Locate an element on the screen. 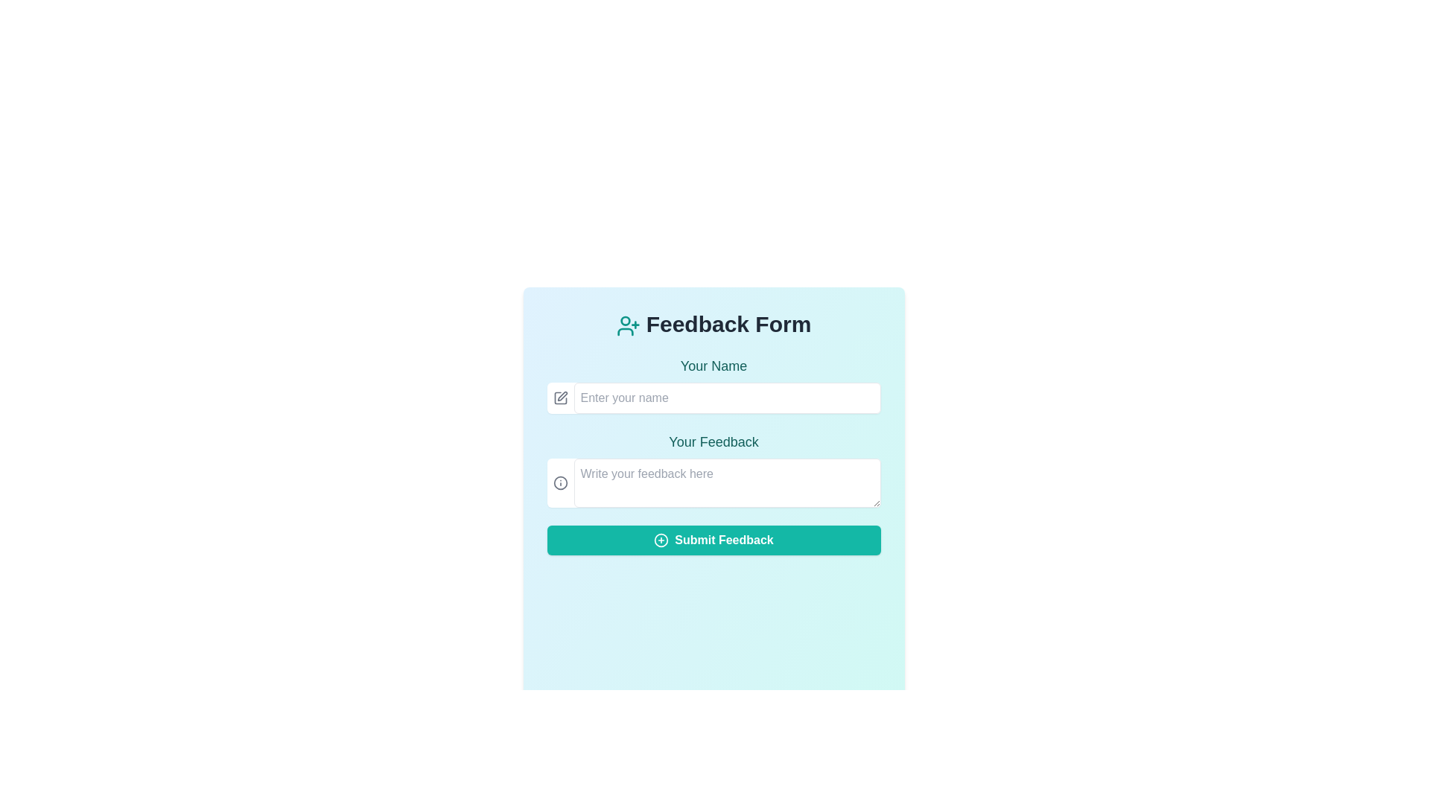 The height and width of the screenshot is (804, 1430). the label that provides context and instruction for the name input field, which is positioned immediately above the text input field is located at coordinates (713, 366).